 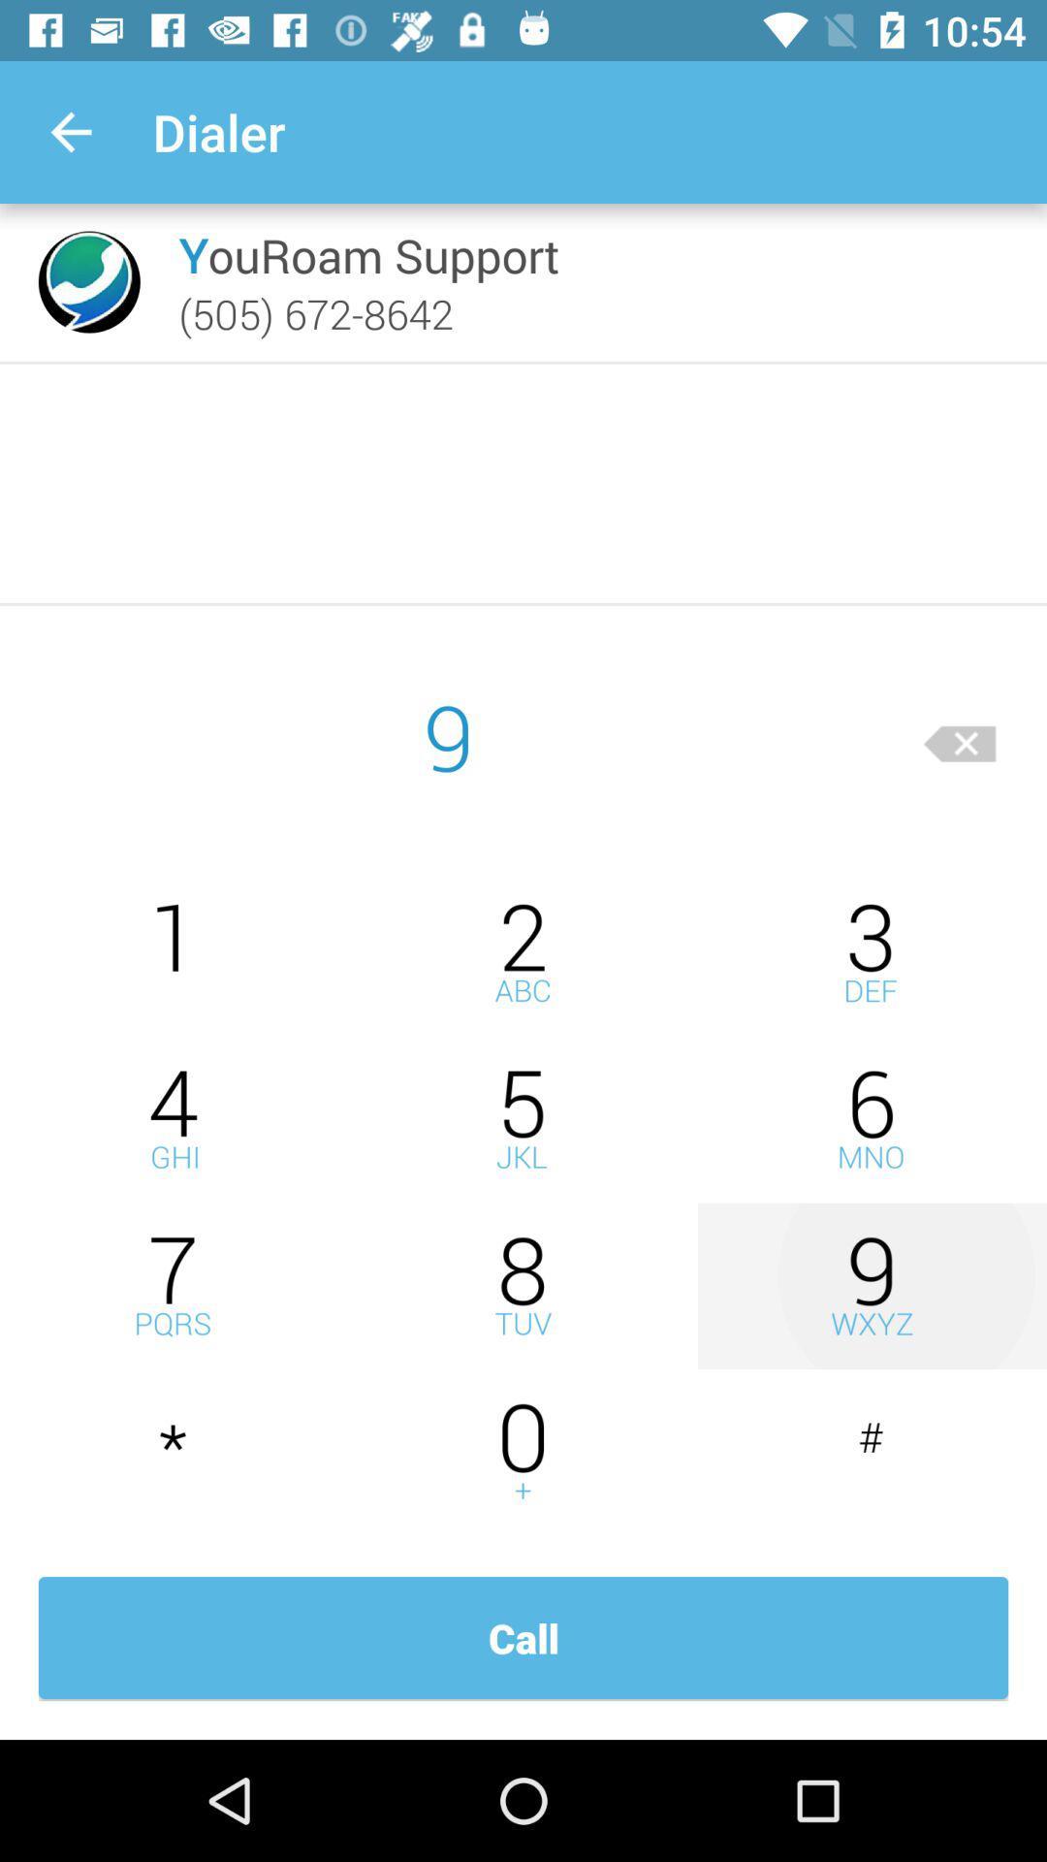 What do you see at coordinates (174, 1119) in the screenshot?
I see `number 4` at bounding box center [174, 1119].